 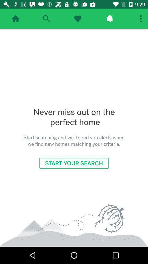 I want to click on the post, so click(x=77, y=19).